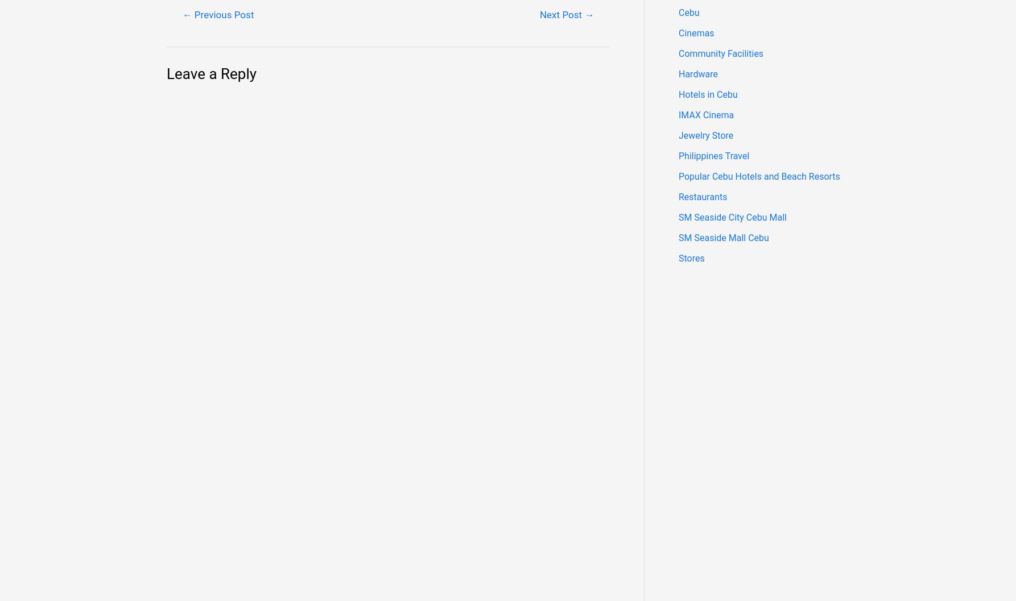 This screenshot has height=601, width=1016. Describe the element at coordinates (691, 258) in the screenshot. I see `'Stores'` at that location.